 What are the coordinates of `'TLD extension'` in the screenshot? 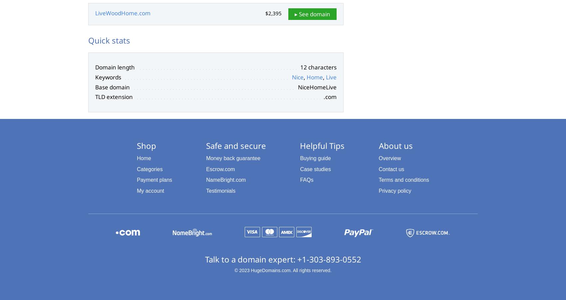 It's located at (95, 96).